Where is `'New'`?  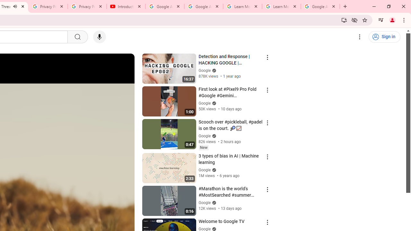
'New' is located at coordinates (203, 147).